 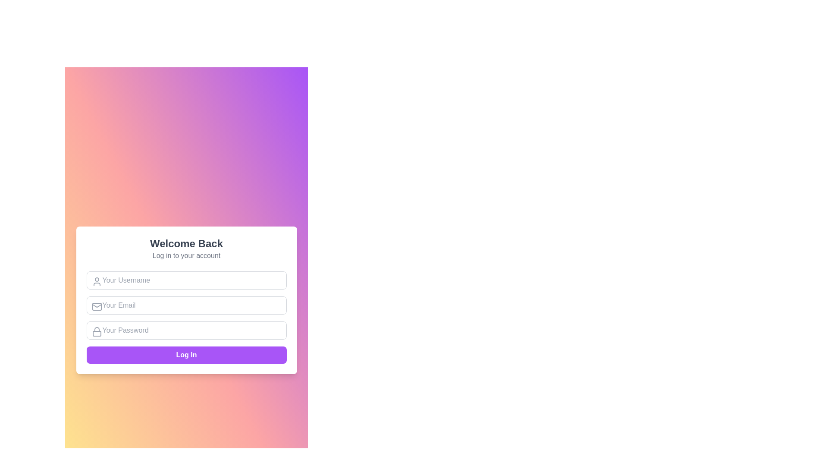 I want to click on the envelope icon located adjacent to the 'Your Email' text input field, which symbolizes email communication, so click(x=97, y=306).